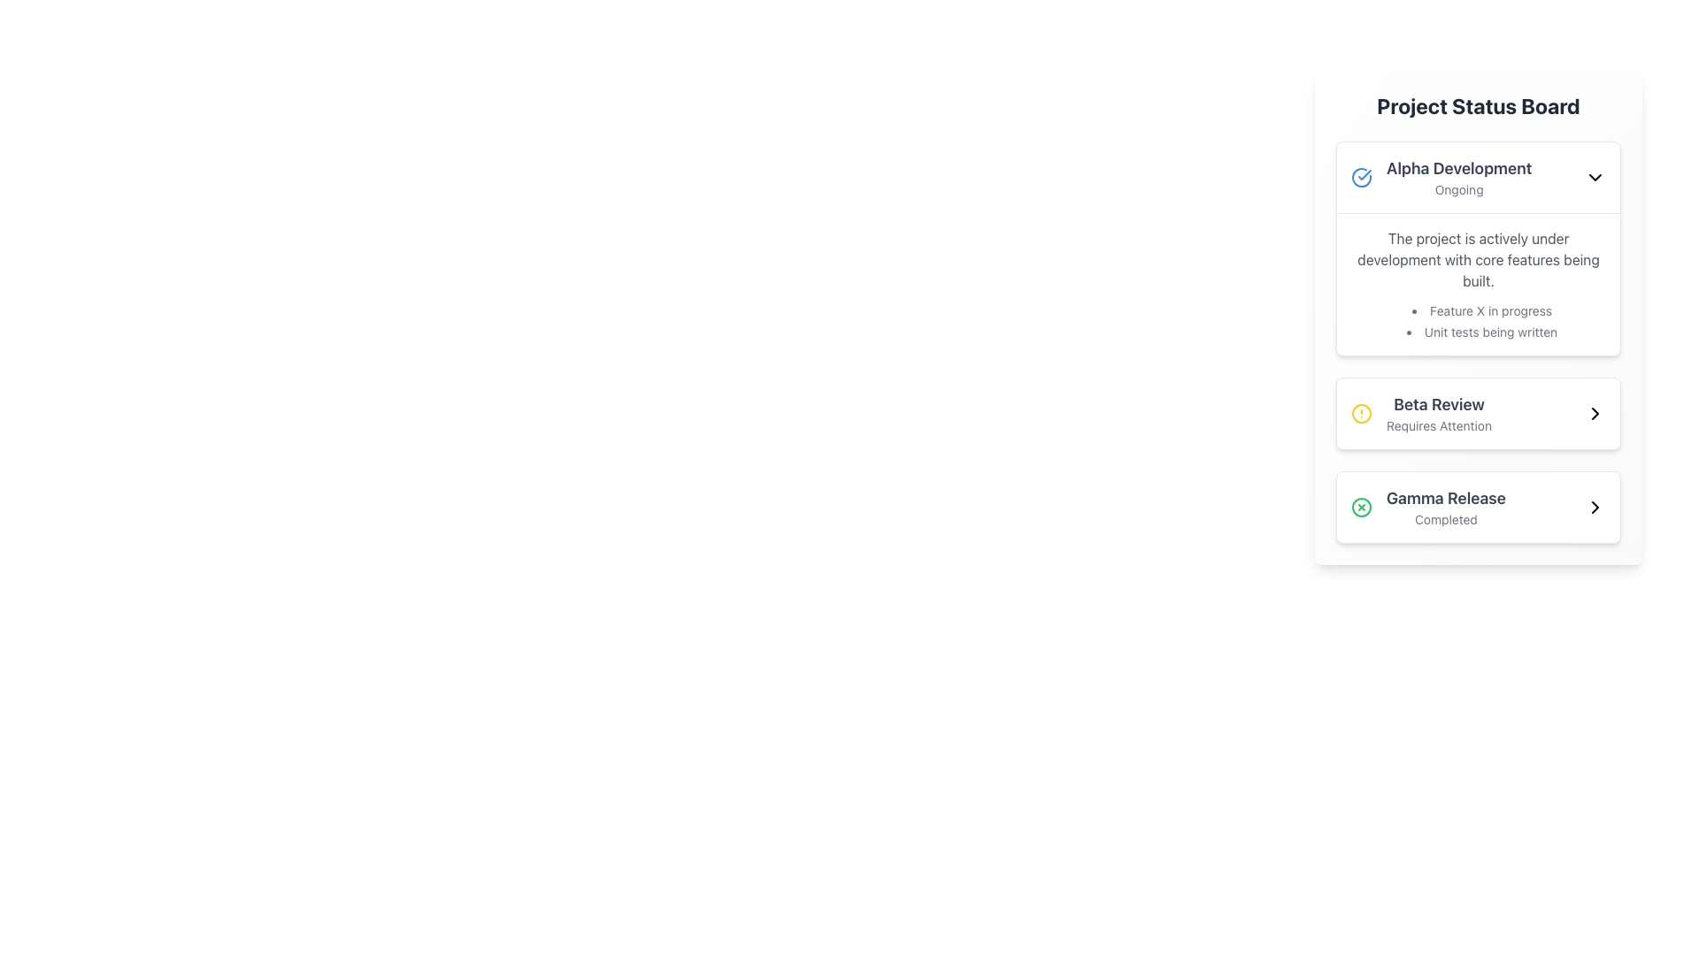  I want to click on the 'Alpha Development' project status display located in the top-left corner of the 'Project Status Board' section, so click(1459, 177).